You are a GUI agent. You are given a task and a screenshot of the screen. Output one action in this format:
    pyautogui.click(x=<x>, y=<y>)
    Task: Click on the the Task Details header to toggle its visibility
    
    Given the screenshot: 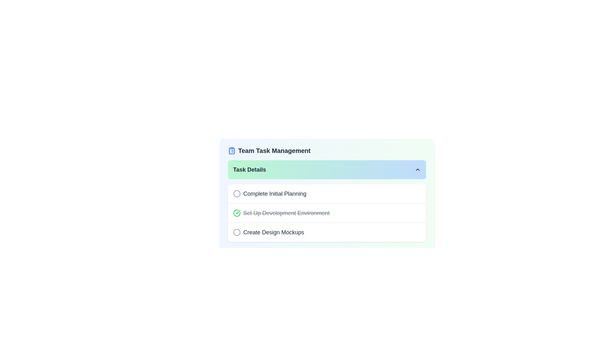 What is the action you would take?
    pyautogui.click(x=327, y=169)
    